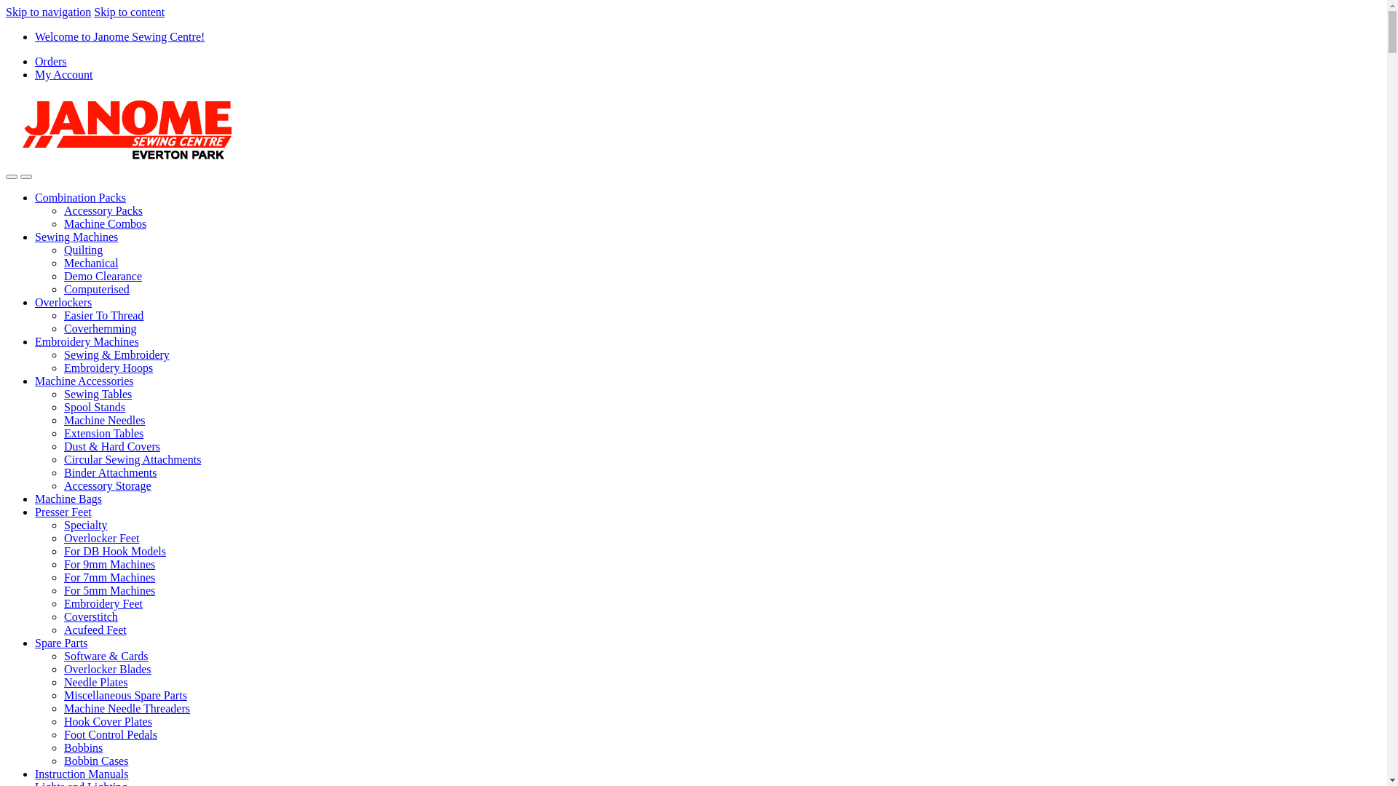 The width and height of the screenshot is (1398, 786). What do you see at coordinates (63, 694) in the screenshot?
I see `'Miscellaneous Spare Parts'` at bounding box center [63, 694].